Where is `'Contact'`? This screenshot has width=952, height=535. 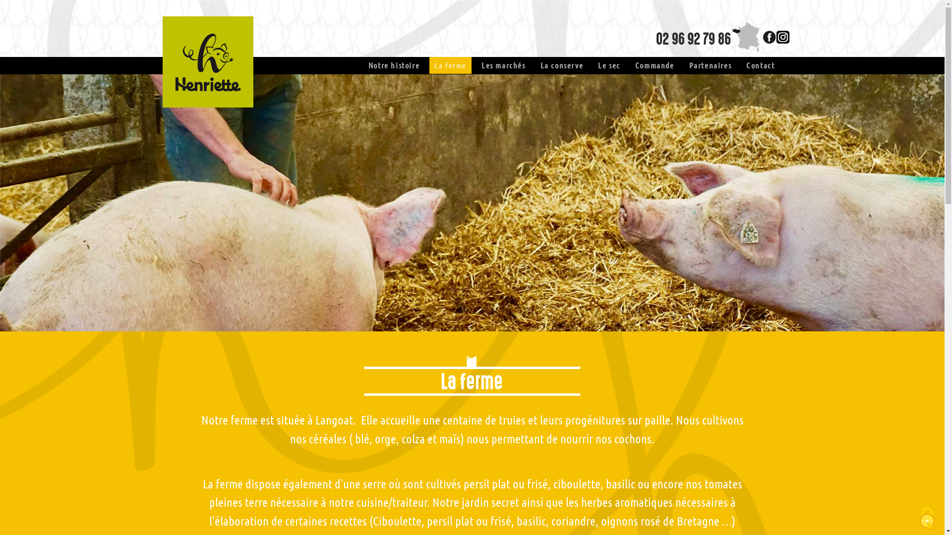 'Contact' is located at coordinates (760, 65).